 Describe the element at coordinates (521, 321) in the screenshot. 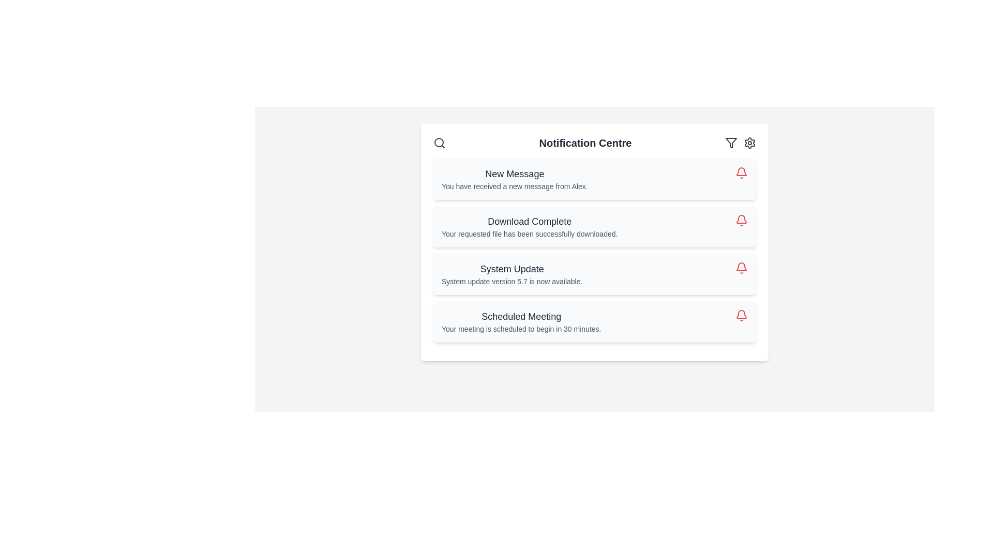

I see `information from the 'Scheduled Meeting' text block, which is located at the bottom of the notifications list in the notification center interface` at that location.